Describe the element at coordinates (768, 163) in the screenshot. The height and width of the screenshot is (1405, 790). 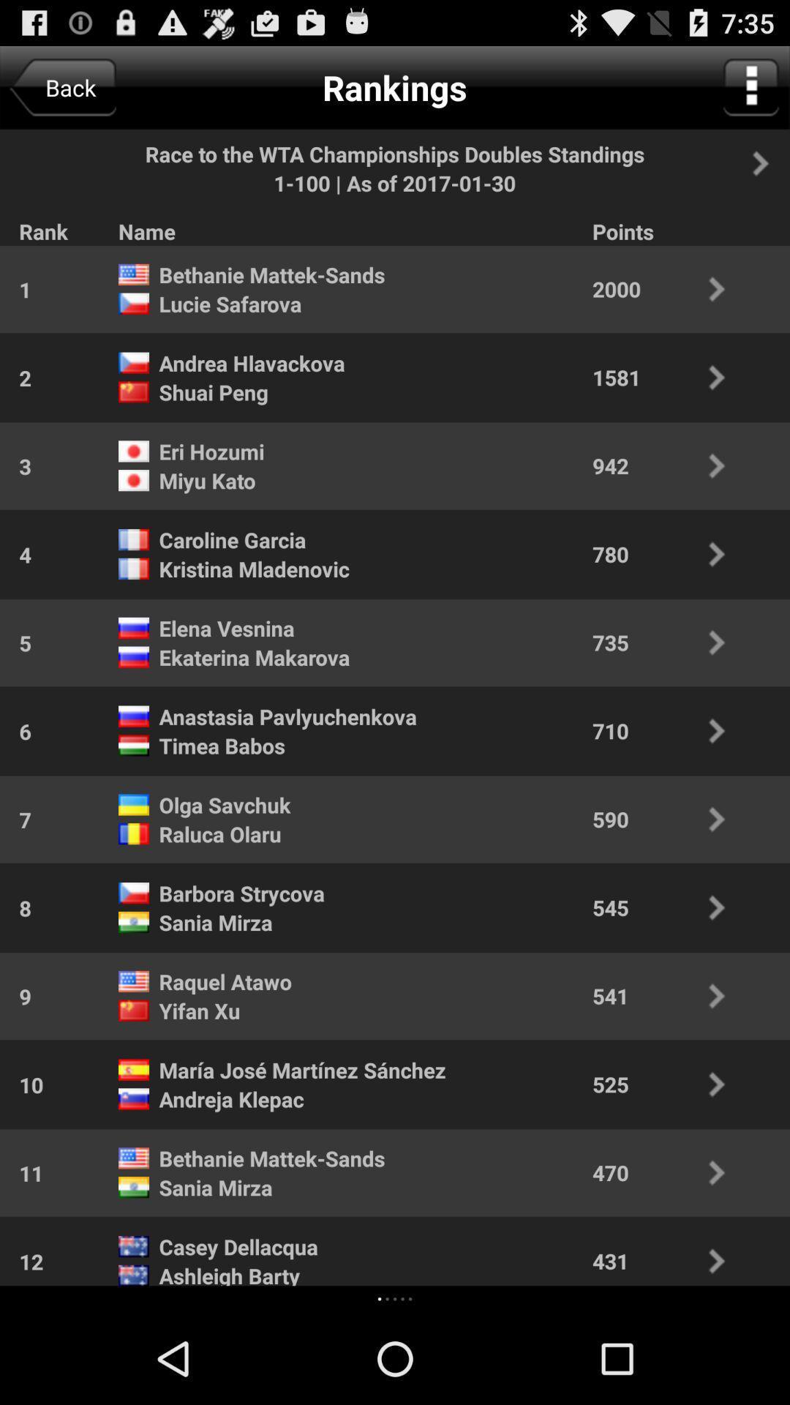
I see `going to next page` at that location.